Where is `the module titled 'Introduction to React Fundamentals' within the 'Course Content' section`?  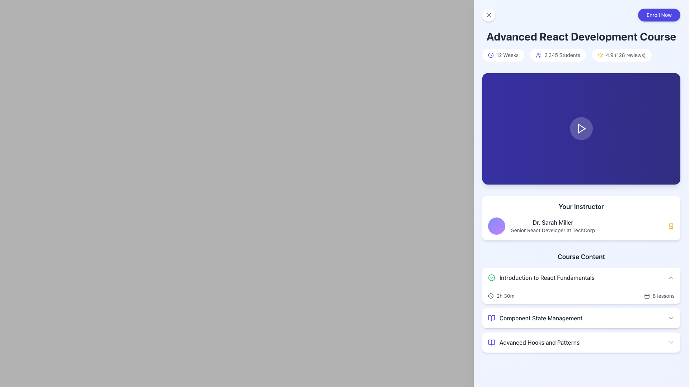 the module titled 'Introduction to React Fundamentals' within the 'Course Content' section is located at coordinates (581, 302).